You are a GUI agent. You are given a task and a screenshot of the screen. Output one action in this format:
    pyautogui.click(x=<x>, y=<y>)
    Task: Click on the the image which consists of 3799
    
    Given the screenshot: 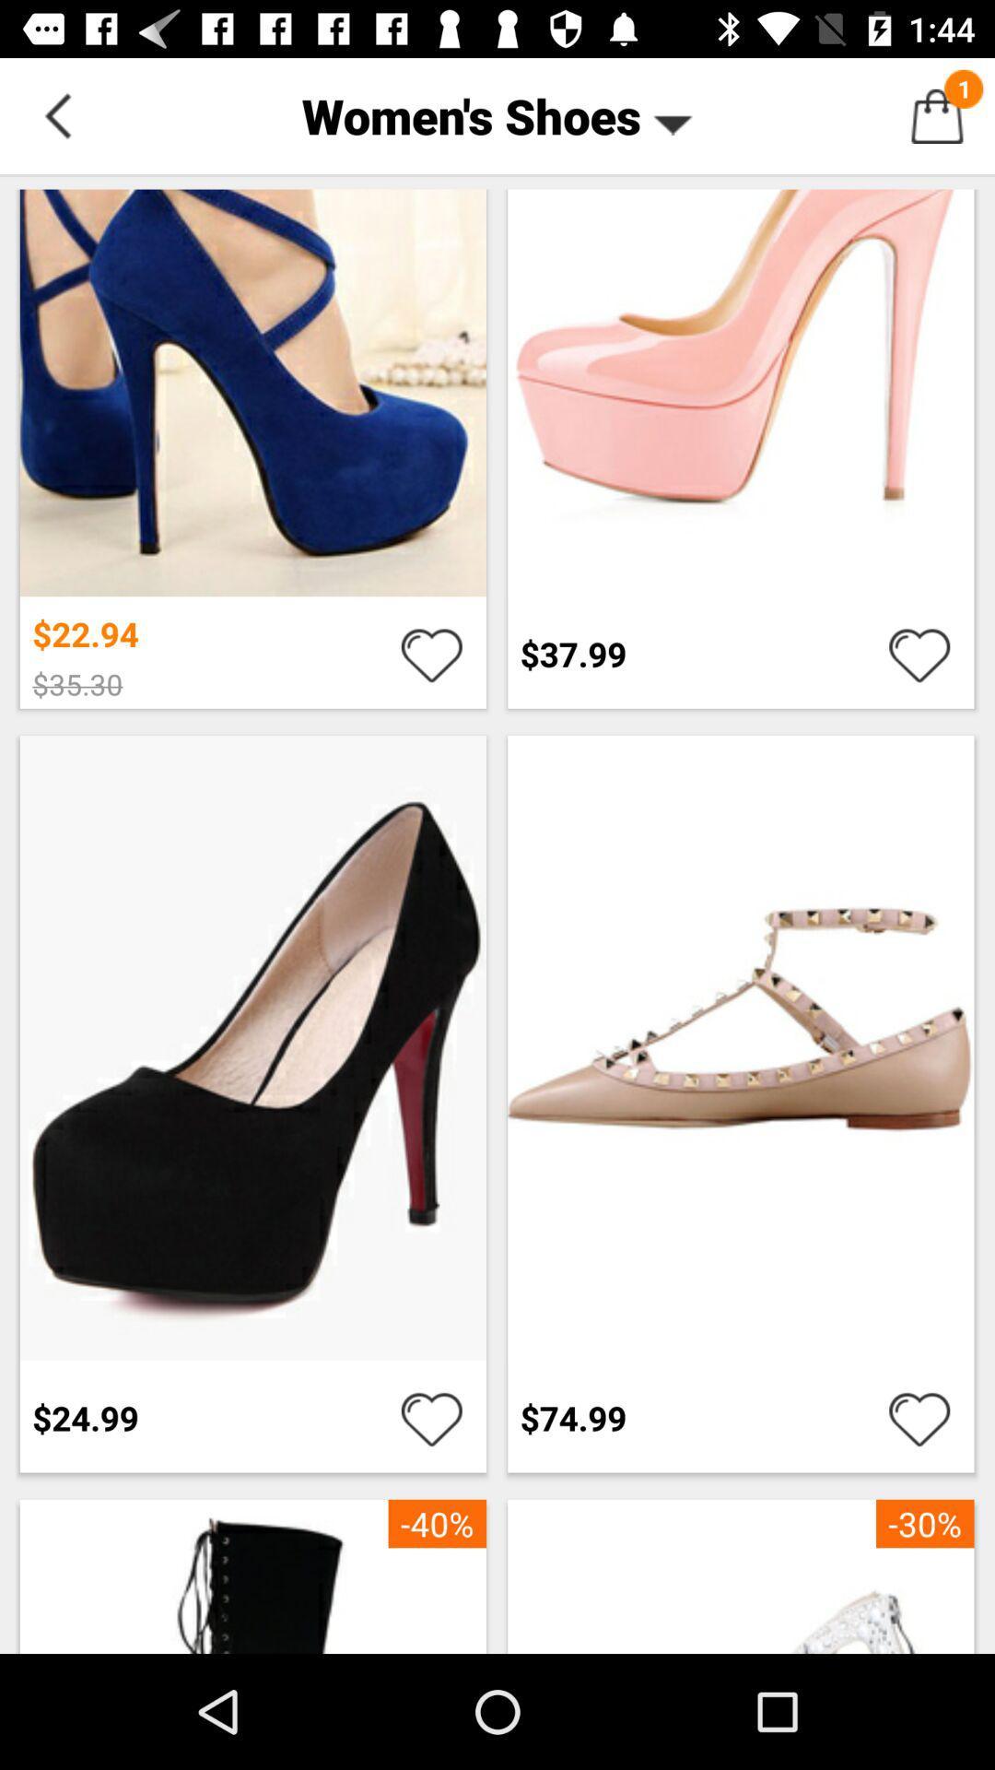 What is the action you would take?
    pyautogui.click(x=740, y=446)
    